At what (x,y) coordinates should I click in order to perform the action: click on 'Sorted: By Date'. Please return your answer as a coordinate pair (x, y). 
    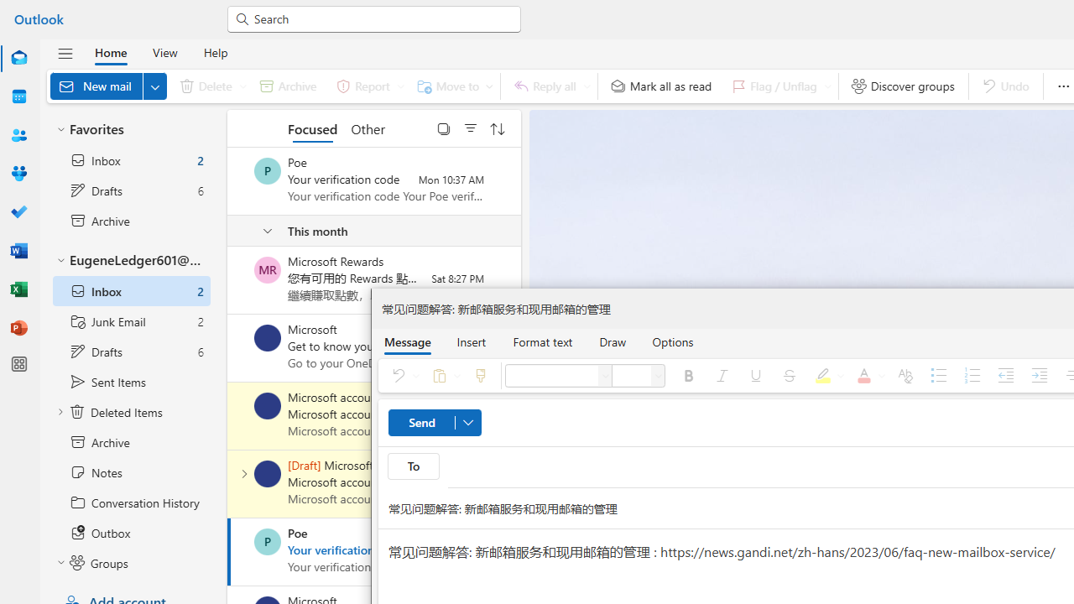
    Looking at the image, I should click on (497, 128).